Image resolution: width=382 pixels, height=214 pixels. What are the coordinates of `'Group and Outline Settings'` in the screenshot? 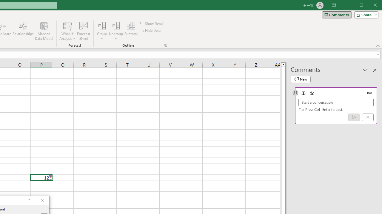 It's located at (165, 45).